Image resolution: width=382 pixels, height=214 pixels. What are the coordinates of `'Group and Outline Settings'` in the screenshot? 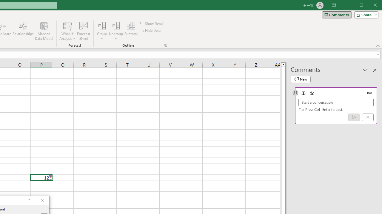 It's located at (165, 45).